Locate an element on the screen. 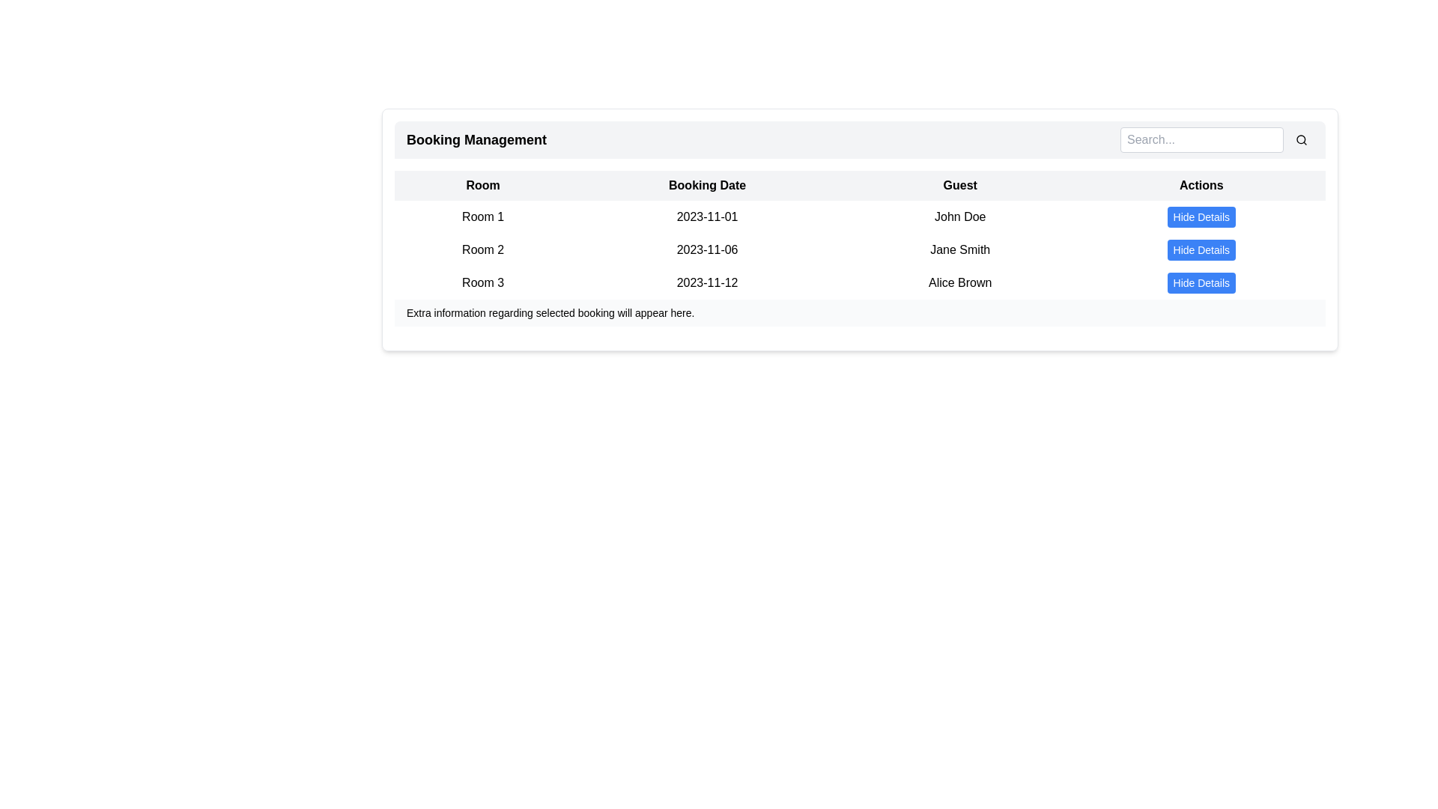  the static text label displaying the booking date located in the last row of the table under the header 'Booking Date' is located at coordinates (706, 283).